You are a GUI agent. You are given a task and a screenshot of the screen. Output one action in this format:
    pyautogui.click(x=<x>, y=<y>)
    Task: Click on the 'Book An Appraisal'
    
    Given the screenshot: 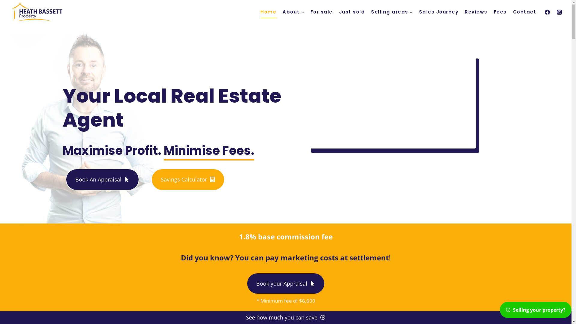 What is the action you would take?
    pyautogui.click(x=102, y=179)
    